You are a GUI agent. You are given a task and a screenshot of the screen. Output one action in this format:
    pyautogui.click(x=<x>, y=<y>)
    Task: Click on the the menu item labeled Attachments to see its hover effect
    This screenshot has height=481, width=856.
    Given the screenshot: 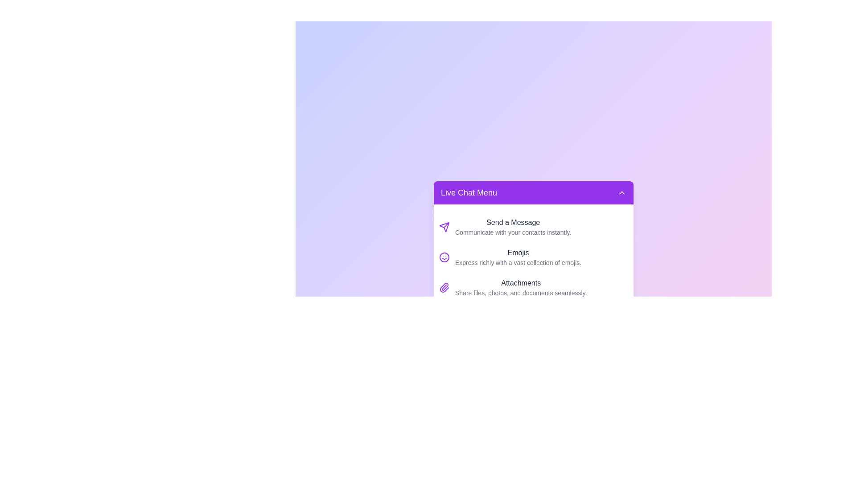 What is the action you would take?
    pyautogui.click(x=533, y=287)
    